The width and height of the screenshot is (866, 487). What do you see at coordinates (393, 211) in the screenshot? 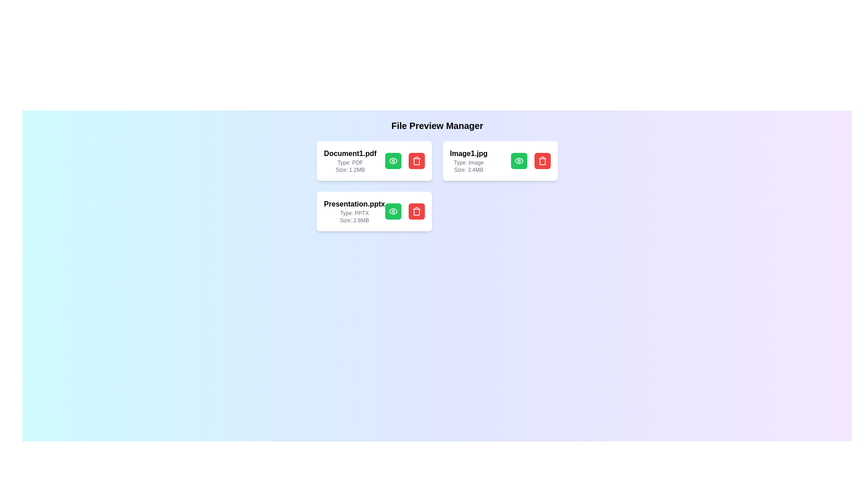
I see `the leftmost button in the horizontal row of controls at the bottom-right of the card for the file 'Presentation.pptx' to preview the file` at bounding box center [393, 211].